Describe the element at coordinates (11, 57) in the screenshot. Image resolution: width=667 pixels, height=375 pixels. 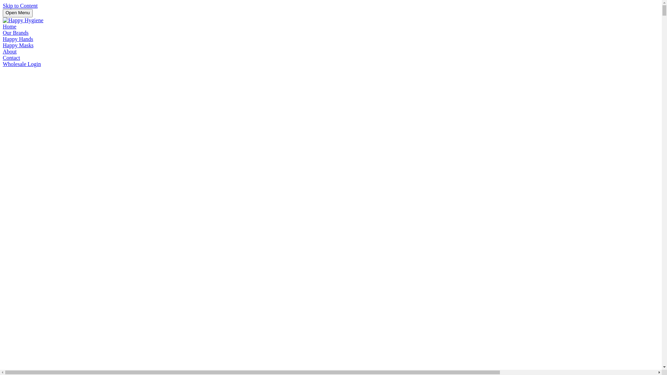
I see `'Contact'` at that location.